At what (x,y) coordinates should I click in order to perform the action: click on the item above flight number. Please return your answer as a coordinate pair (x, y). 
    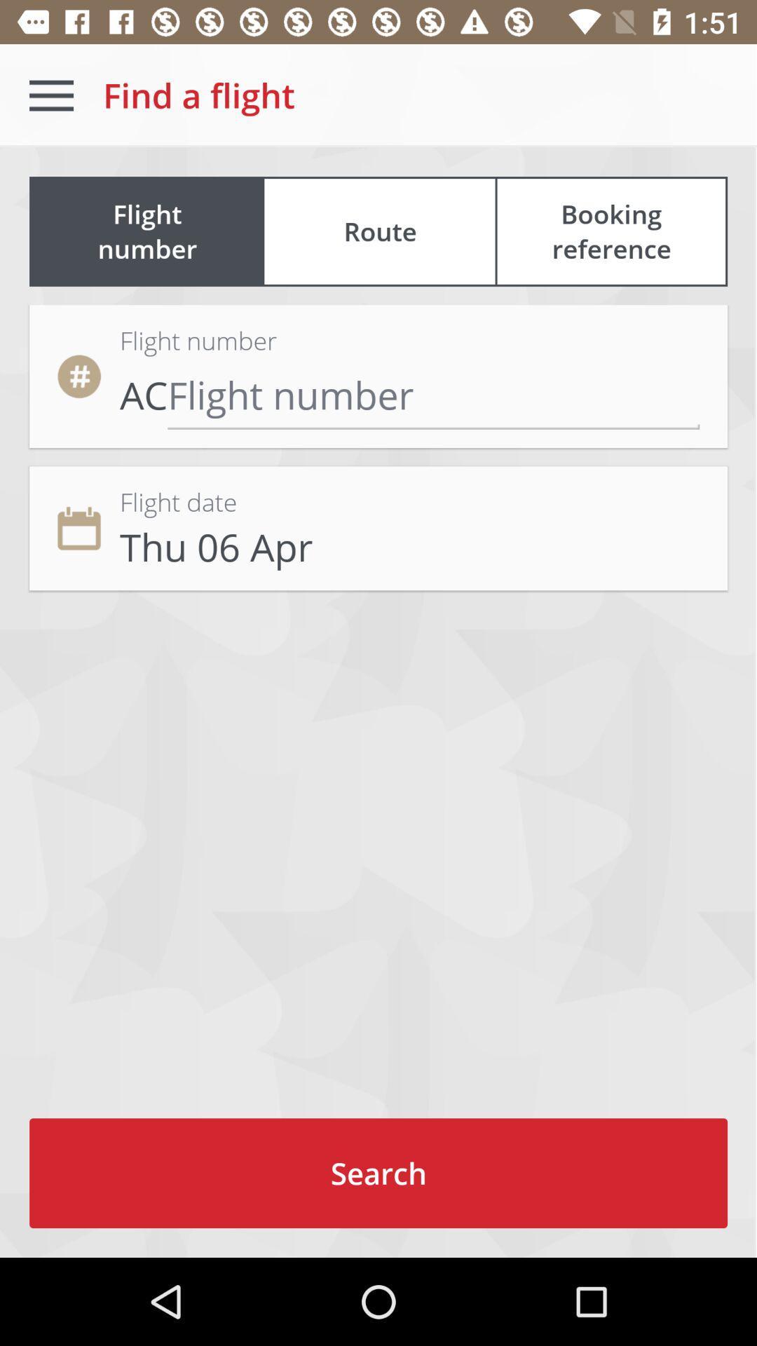
    Looking at the image, I should click on (380, 231).